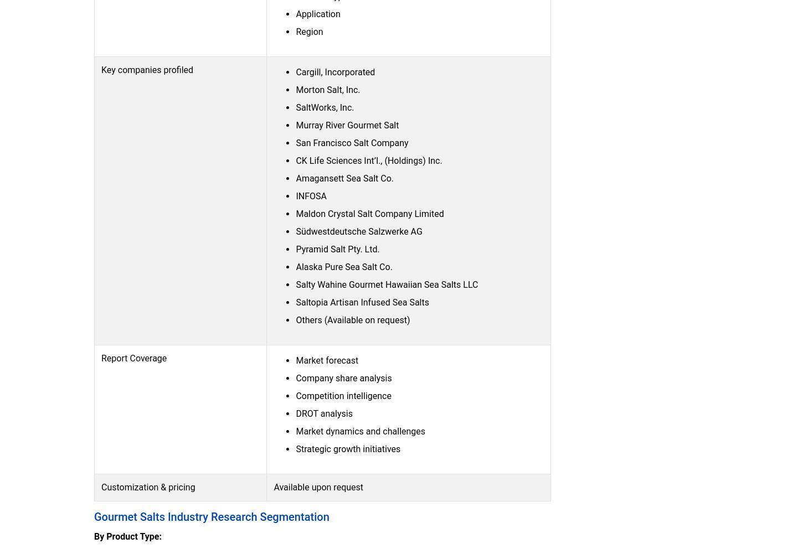  Describe the element at coordinates (296, 30) in the screenshot. I see `'Region'` at that location.